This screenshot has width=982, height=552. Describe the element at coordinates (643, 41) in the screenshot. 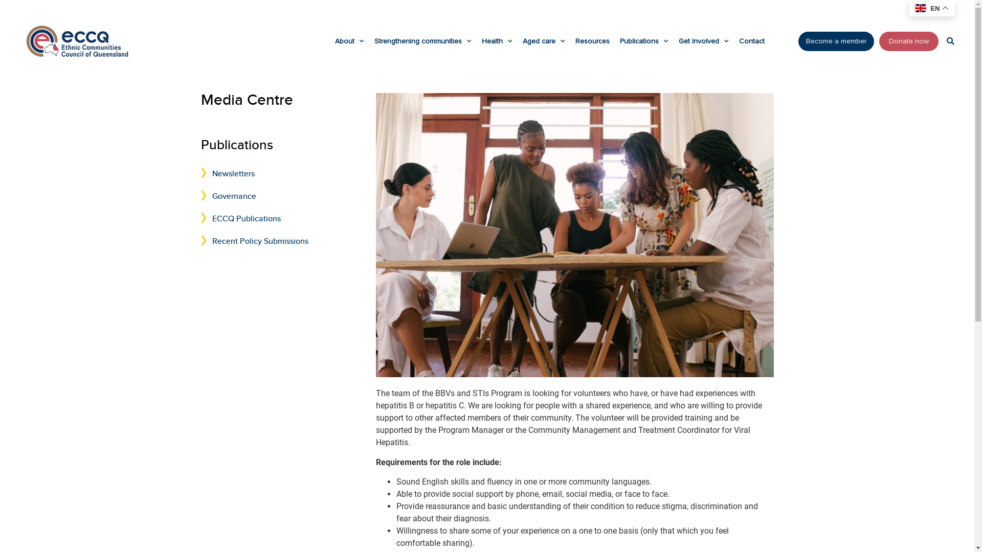

I see `'Publications'` at that location.